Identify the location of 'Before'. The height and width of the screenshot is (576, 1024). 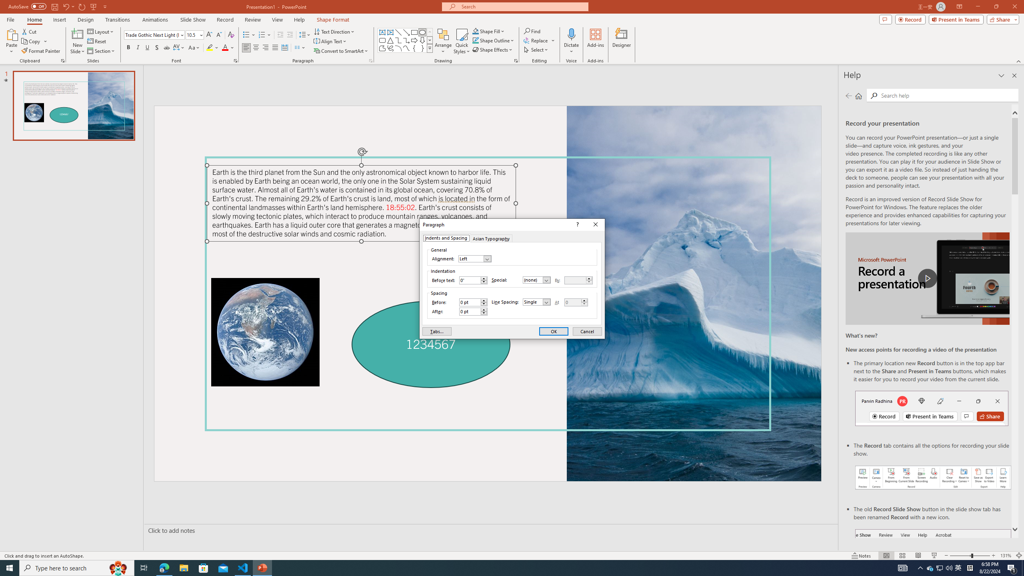
(473, 302).